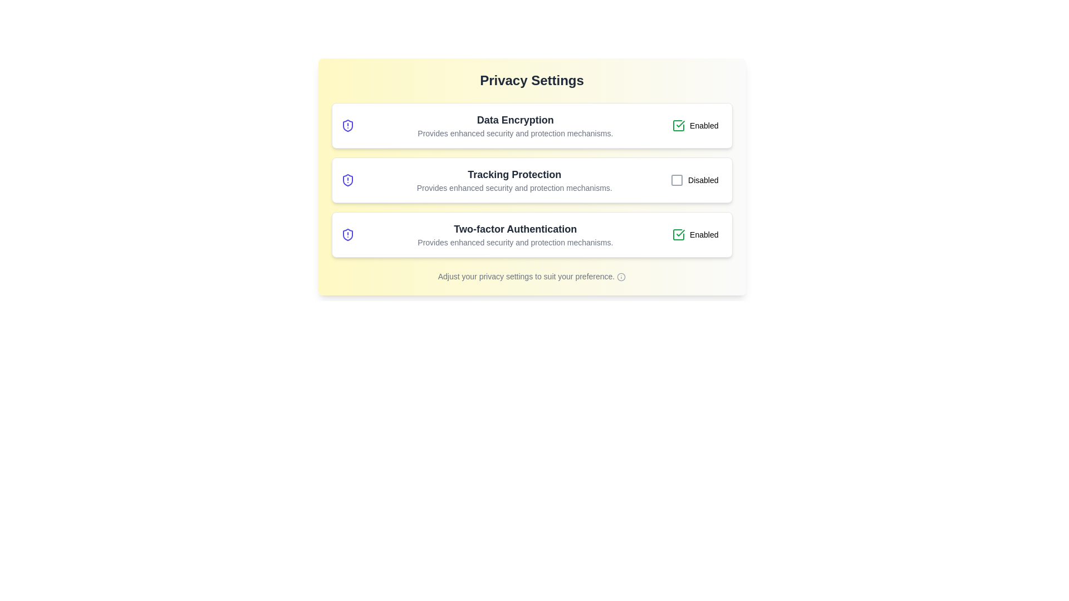 This screenshot has height=601, width=1069. What do you see at coordinates (678, 125) in the screenshot?
I see `the 'Data Encryption' status icon located in the second column of the privacy settings` at bounding box center [678, 125].